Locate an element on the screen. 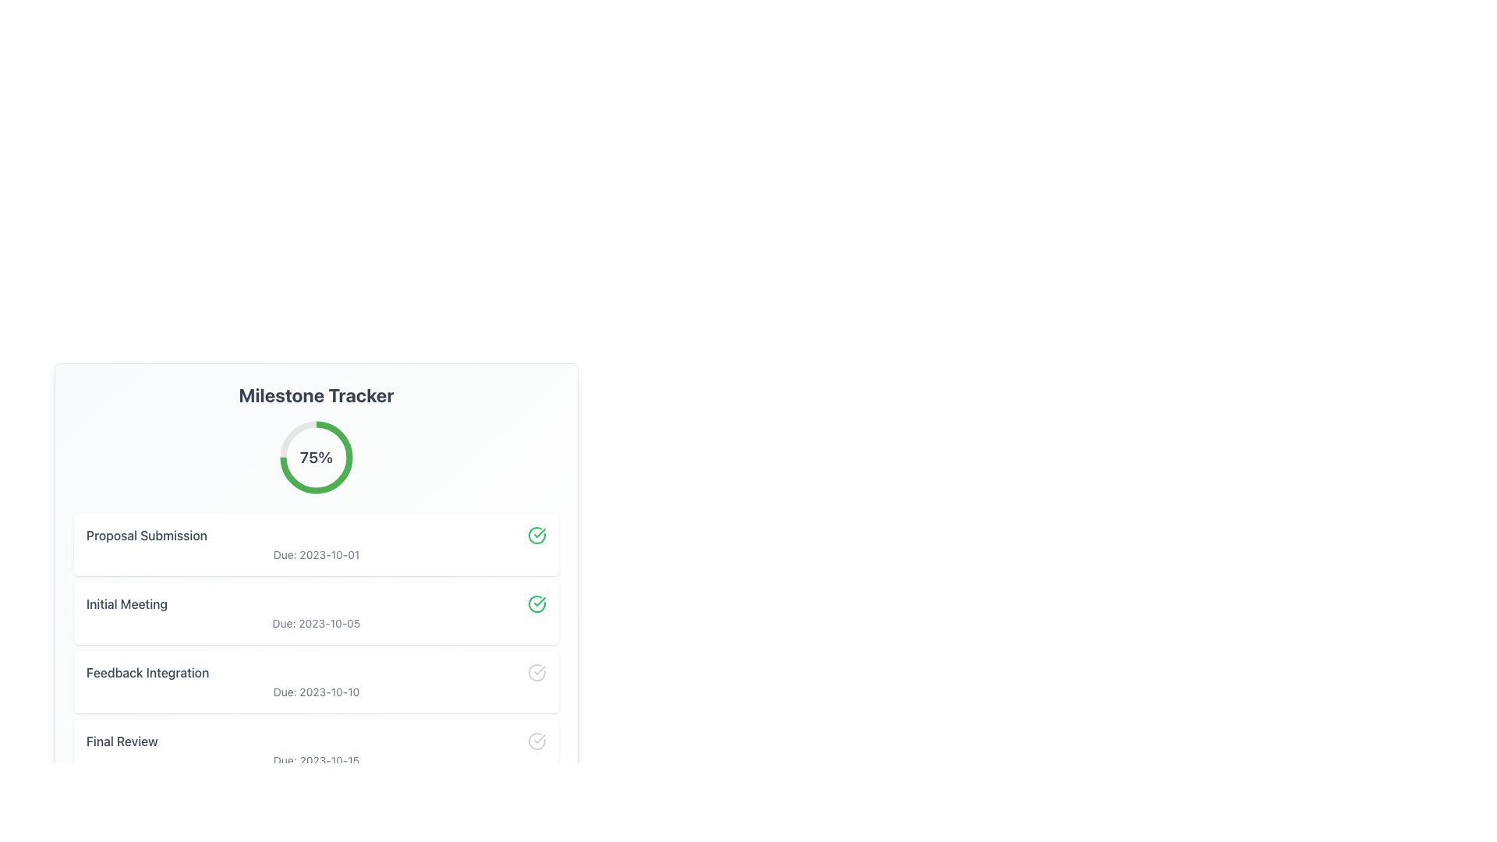 The width and height of the screenshot is (1497, 842). the text label indicating the due date for a specific task within the 'Final Review' card, located at the bottom right corner, adjacent to the 'Final Review' label is located at coordinates (316, 759).